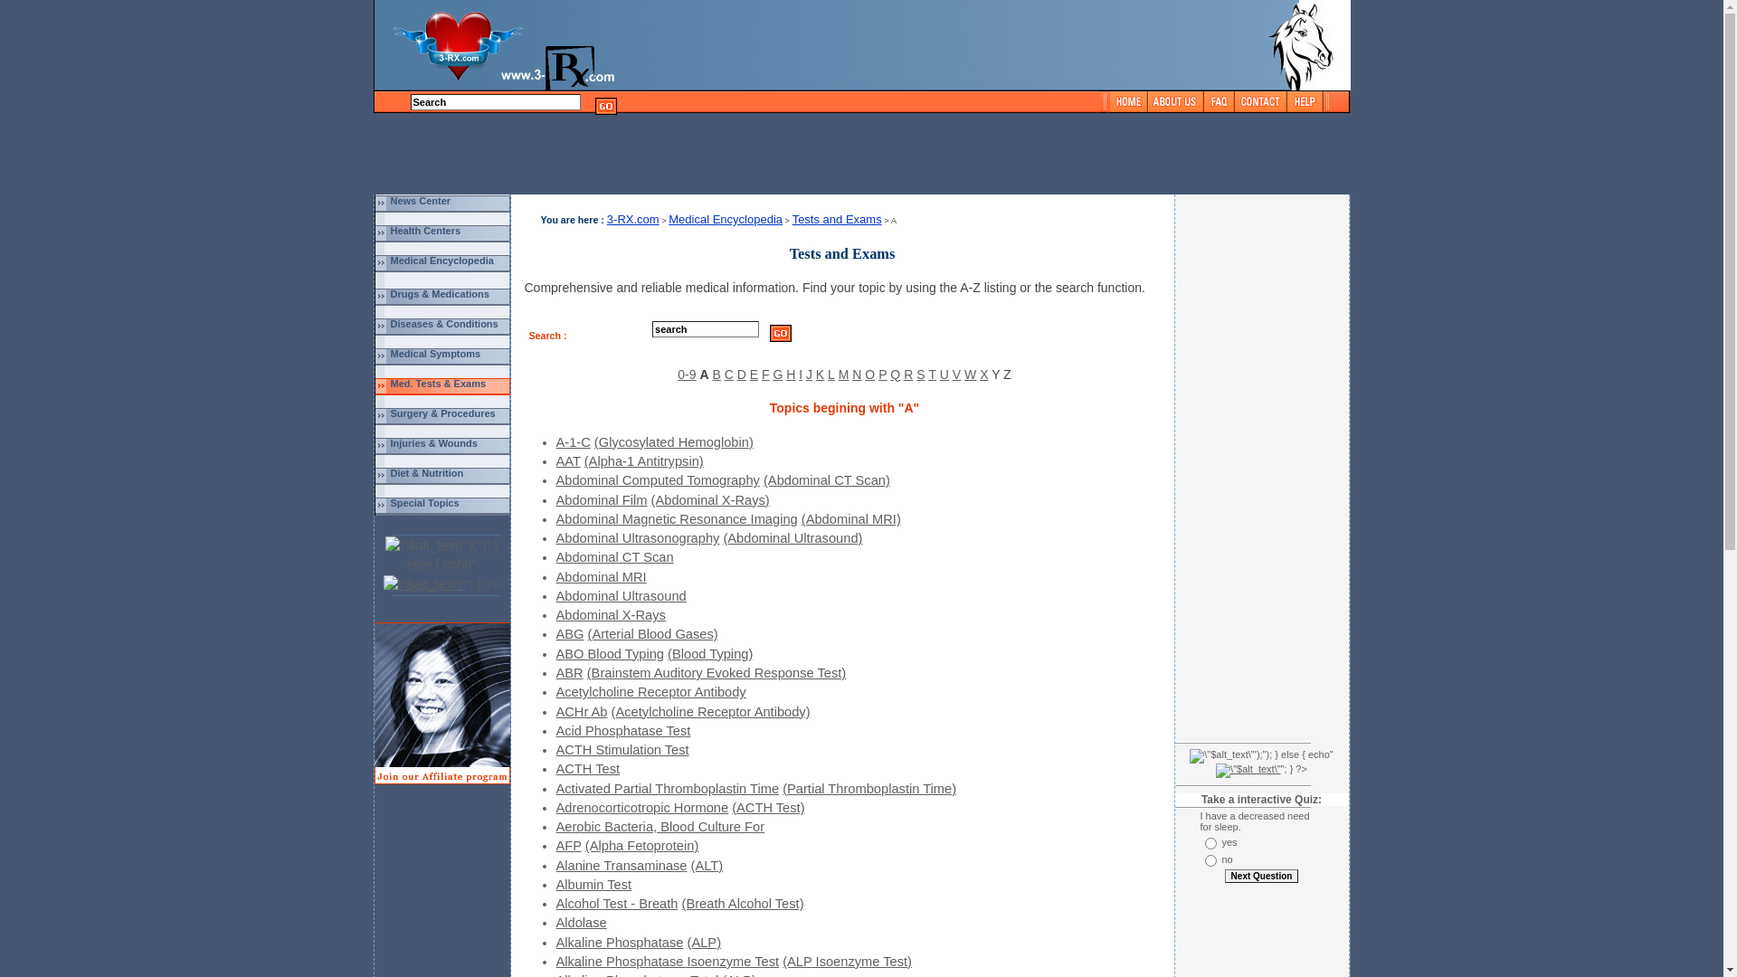 This screenshot has height=977, width=1737. I want to click on 'U', so click(943, 373).